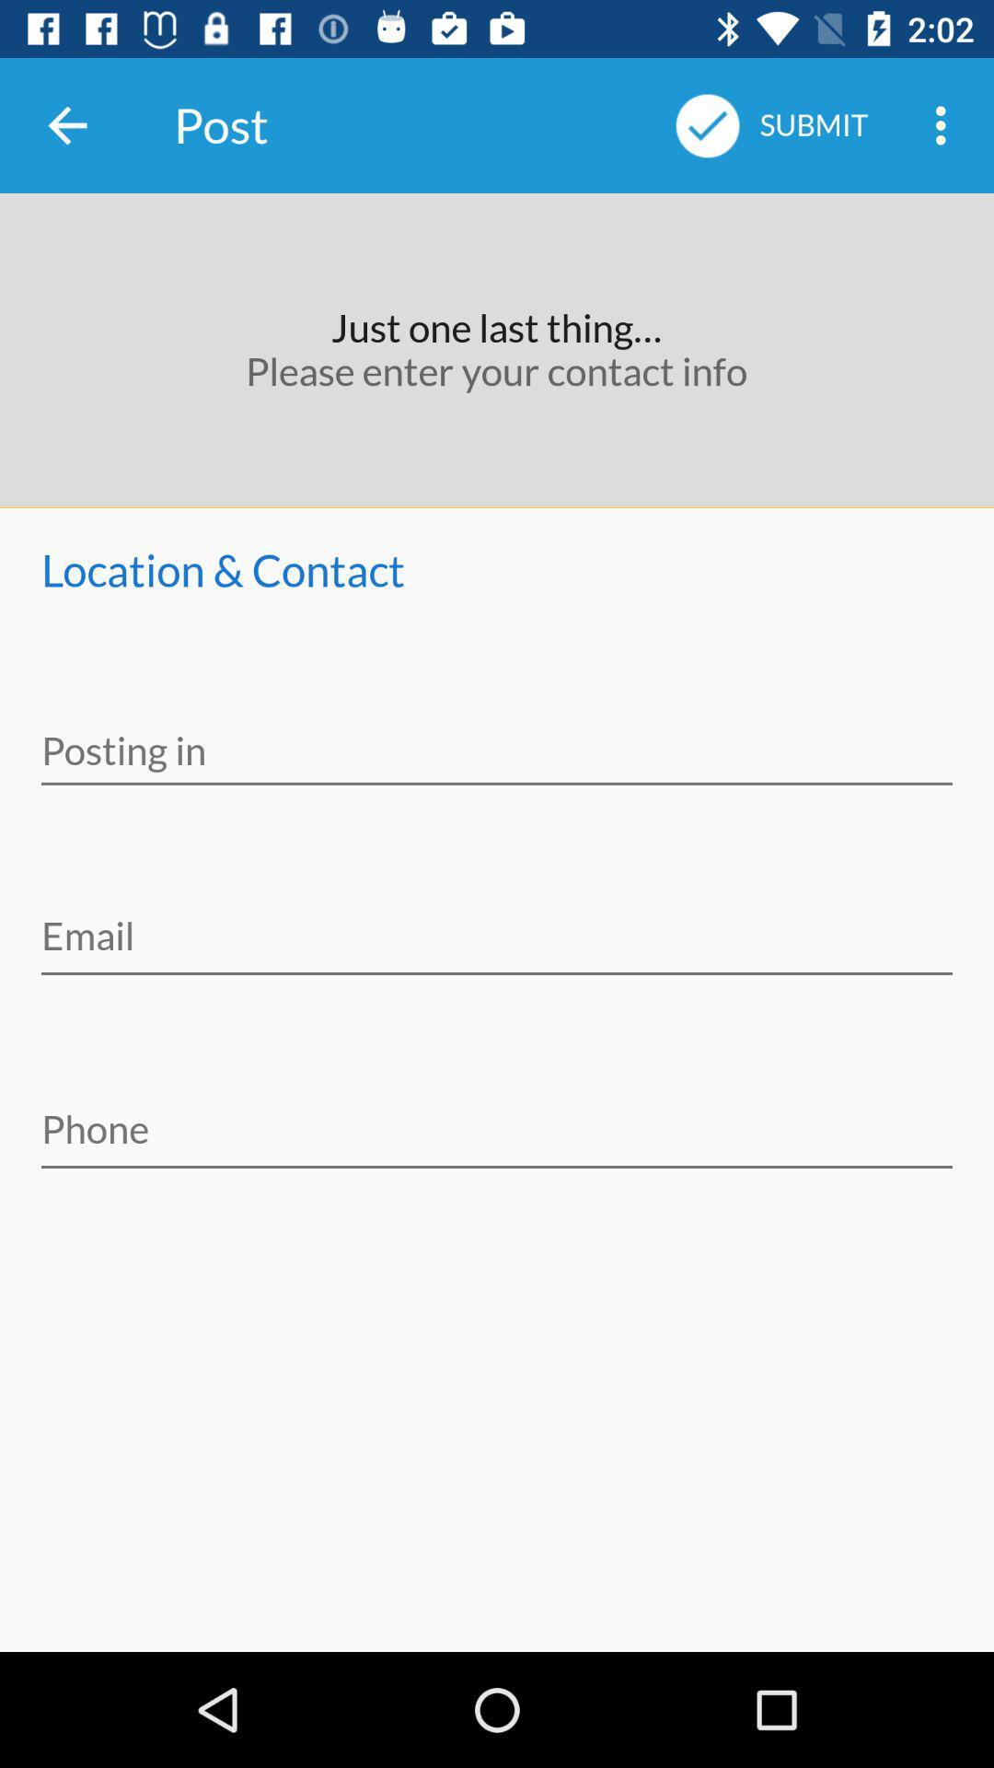  I want to click on your email, so click(497, 924).